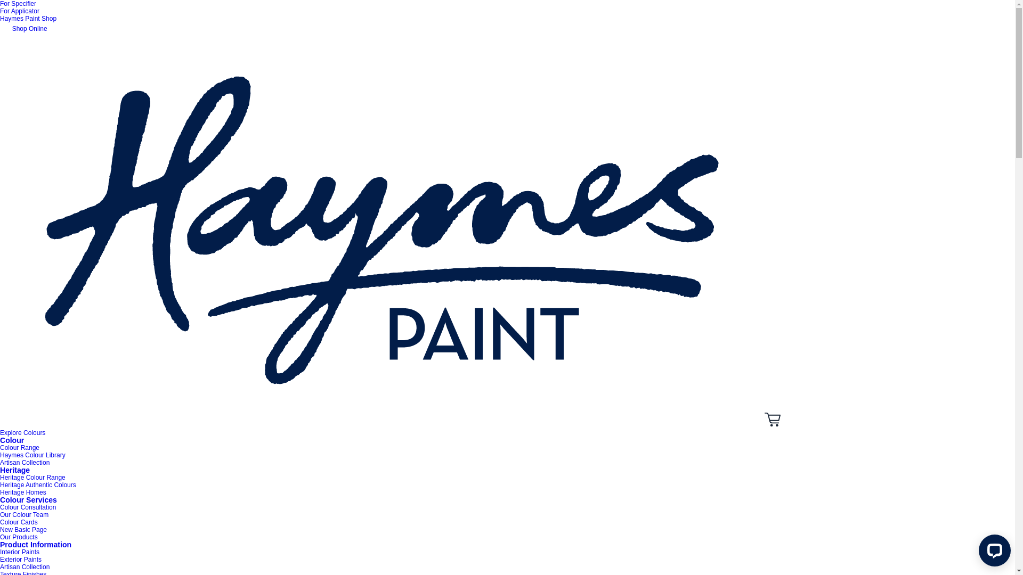 Image resolution: width=1023 pixels, height=575 pixels. Describe the element at coordinates (0, 4) in the screenshot. I see `'For Specifier'` at that location.